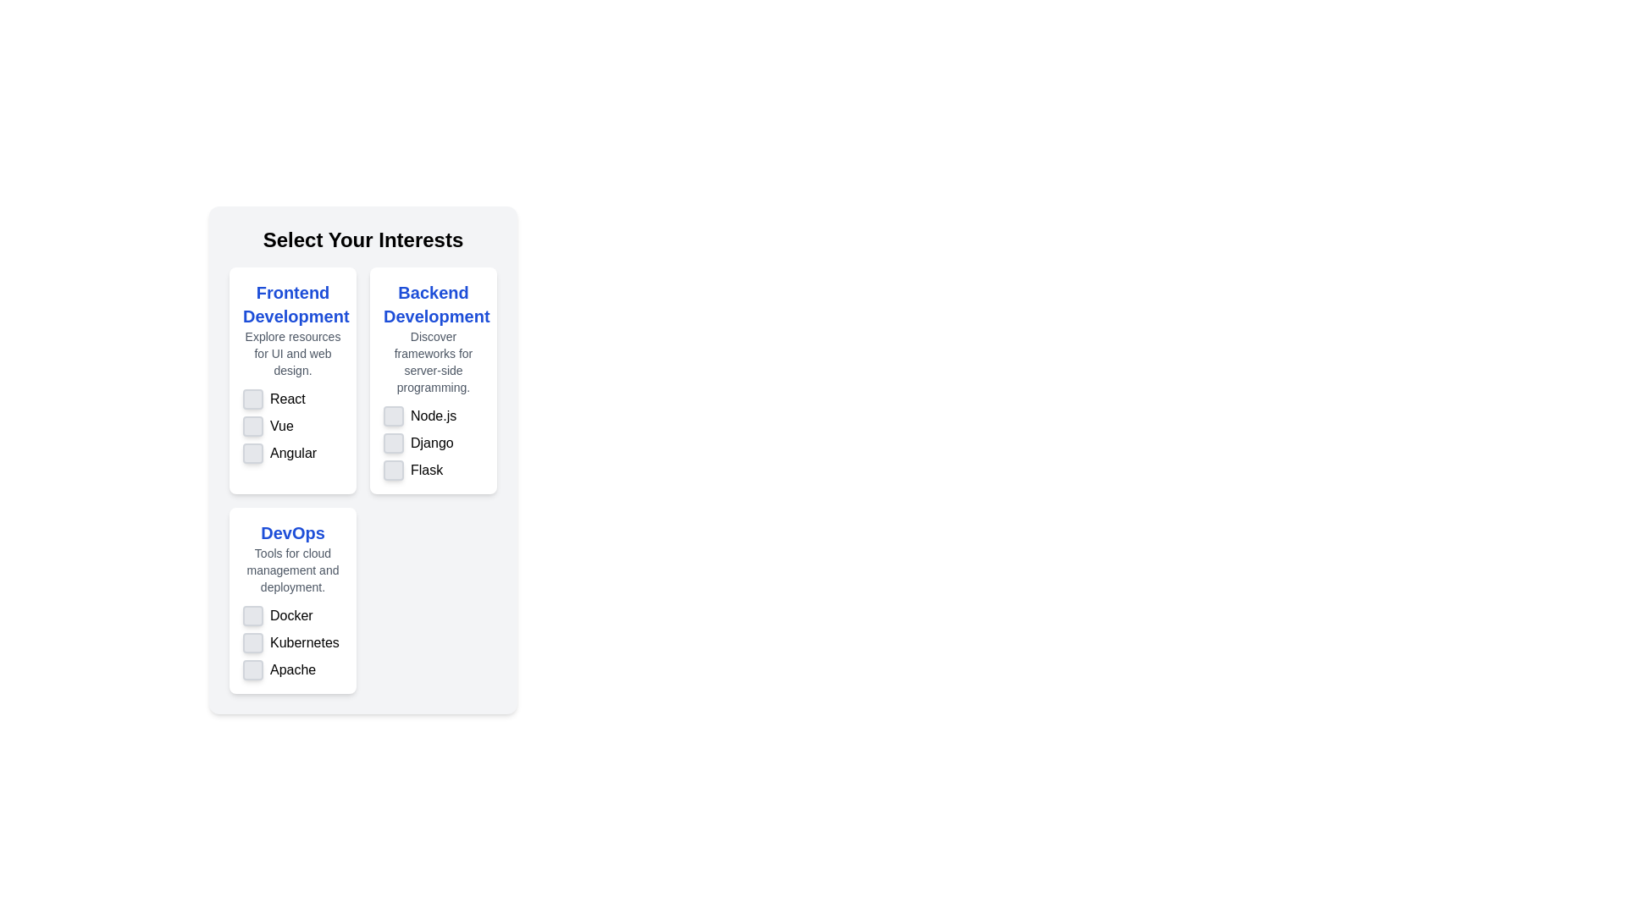 The image size is (1626, 914). What do you see at coordinates (252, 669) in the screenshot?
I see `the interactive checkbox for the 'Apache' option` at bounding box center [252, 669].